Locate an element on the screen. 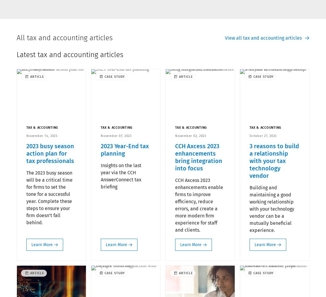 Image resolution: width=326 pixels, height=297 pixels. 'Latest tax and accounting articles' is located at coordinates (70, 54).